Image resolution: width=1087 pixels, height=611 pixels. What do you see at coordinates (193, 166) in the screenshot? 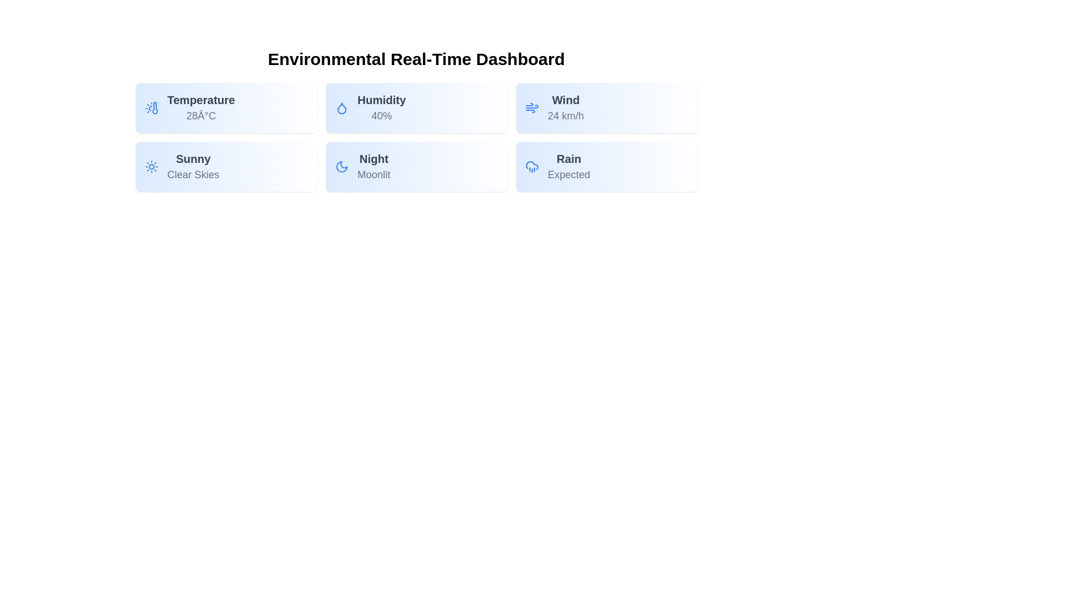
I see `the static text display indicating 'Sunny' weather with 'Clear Skies' to potentially view a tooltip` at bounding box center [193, 166].